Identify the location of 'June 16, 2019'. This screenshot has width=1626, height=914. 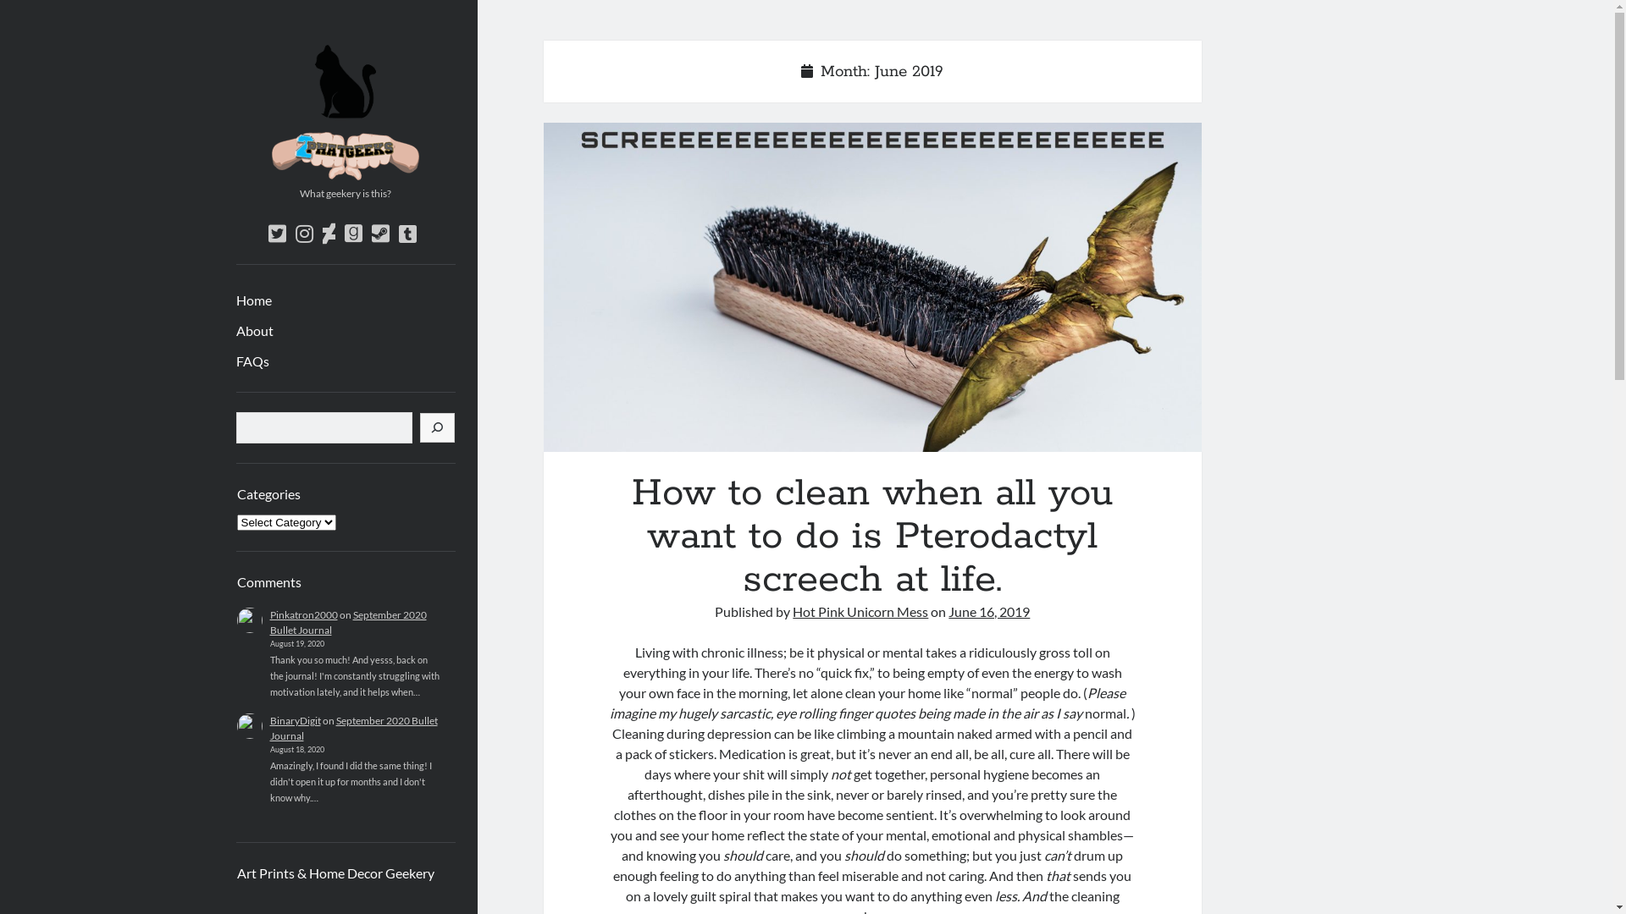
(947, 611).